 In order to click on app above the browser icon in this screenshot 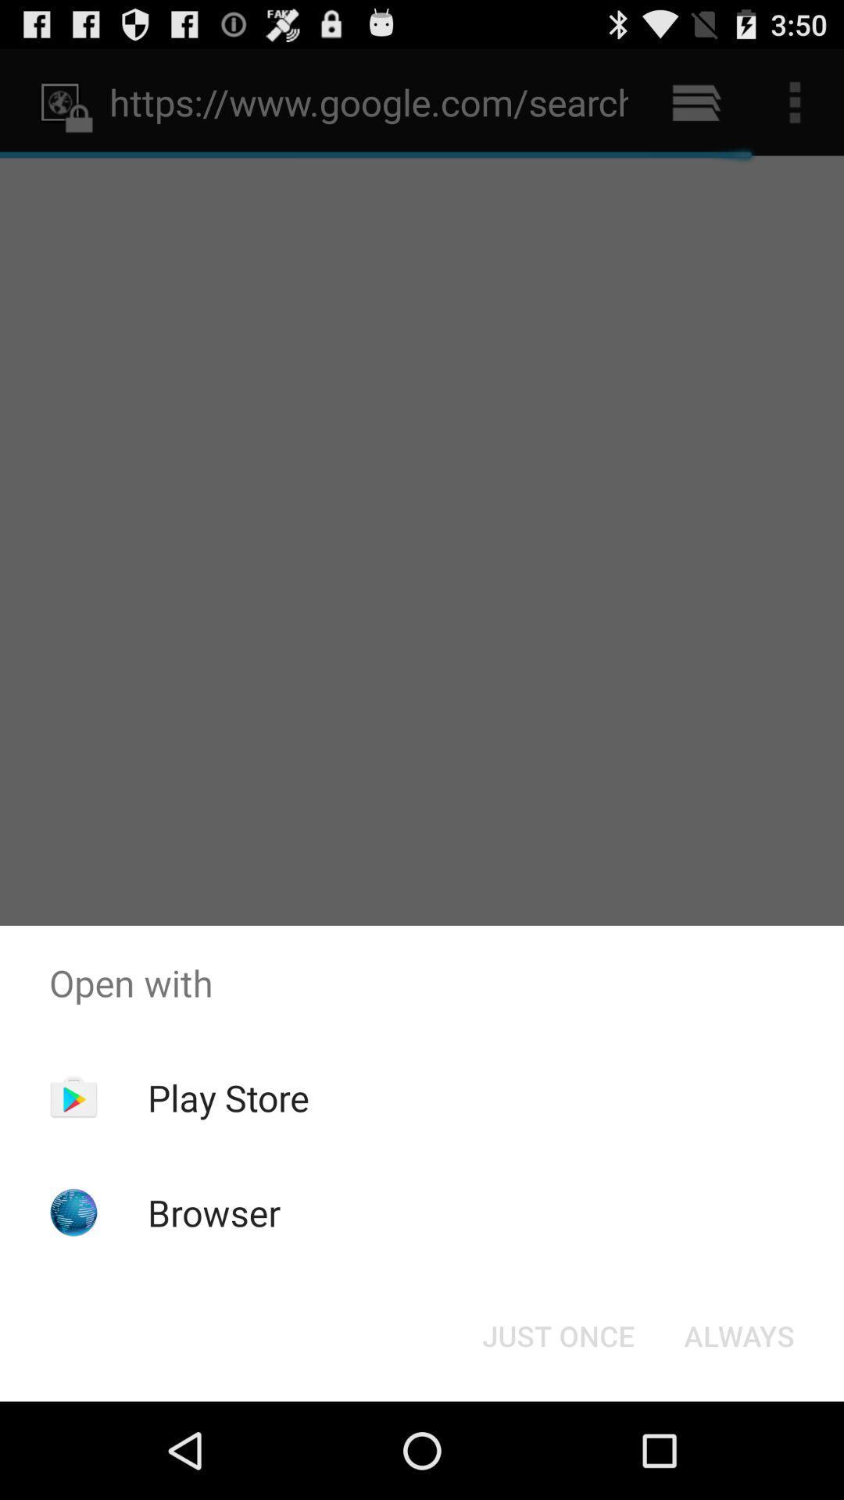, I will do `click(228, 1097)`.